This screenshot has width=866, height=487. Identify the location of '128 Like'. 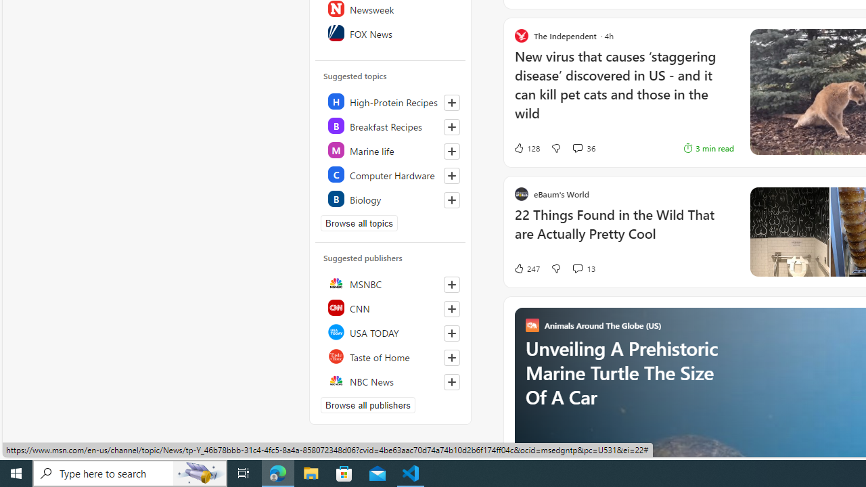
(526, 148).